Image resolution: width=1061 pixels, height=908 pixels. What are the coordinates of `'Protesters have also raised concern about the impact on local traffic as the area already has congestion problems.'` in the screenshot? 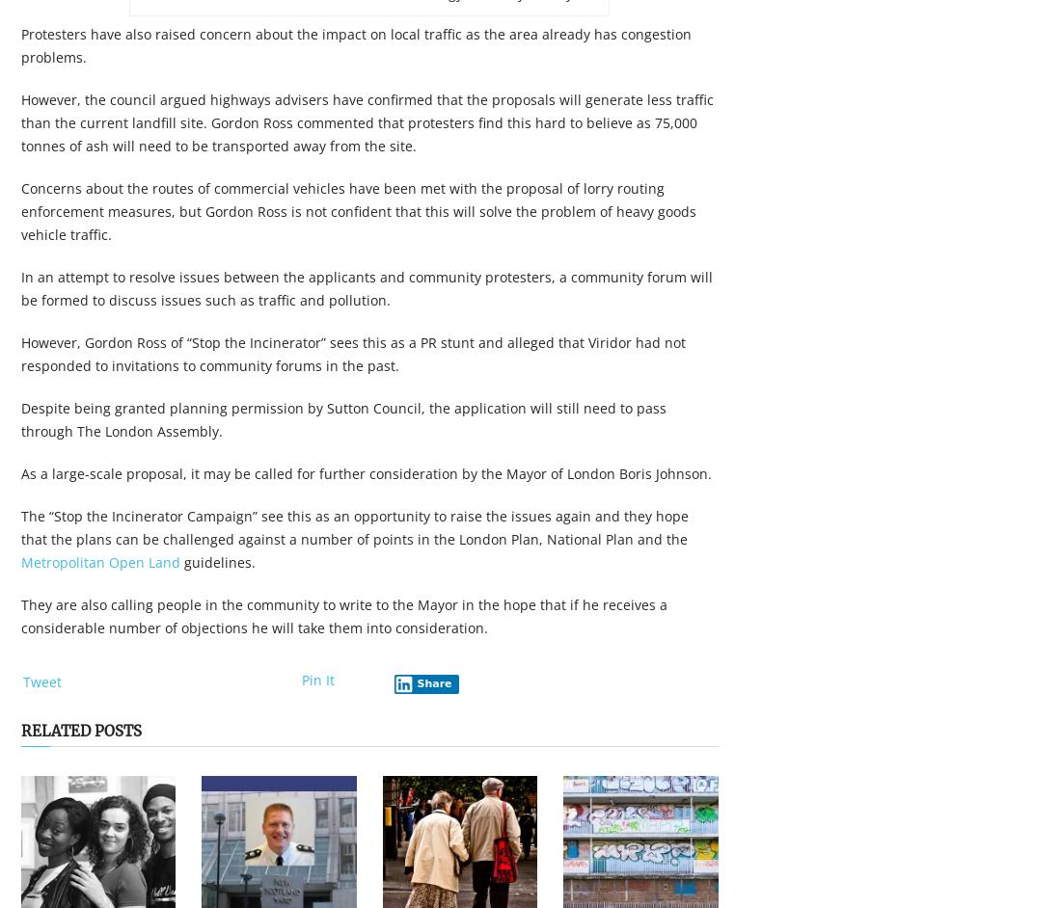 It's located at (356, 45).